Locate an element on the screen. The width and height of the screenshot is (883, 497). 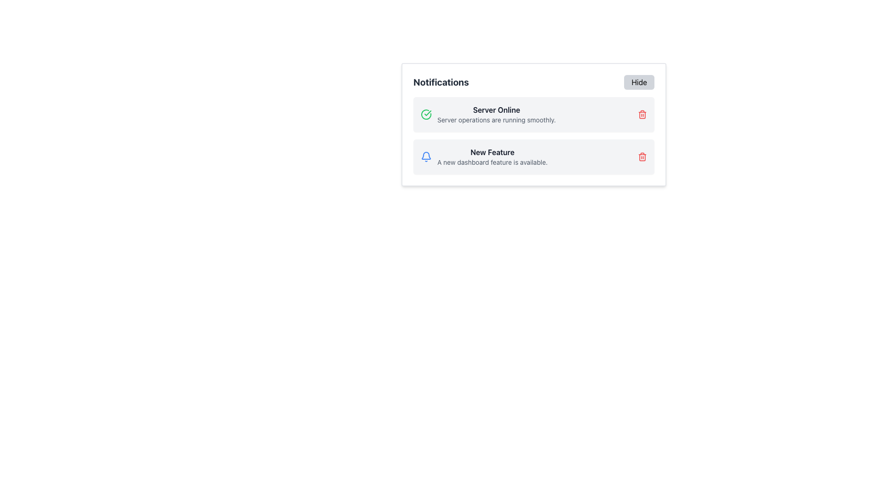
notification title and details from the first notification card located in the 'Notifications' section, positioned above the 'New Feature' notification and below the 'Hide' button is located at coordinates (534, 124).